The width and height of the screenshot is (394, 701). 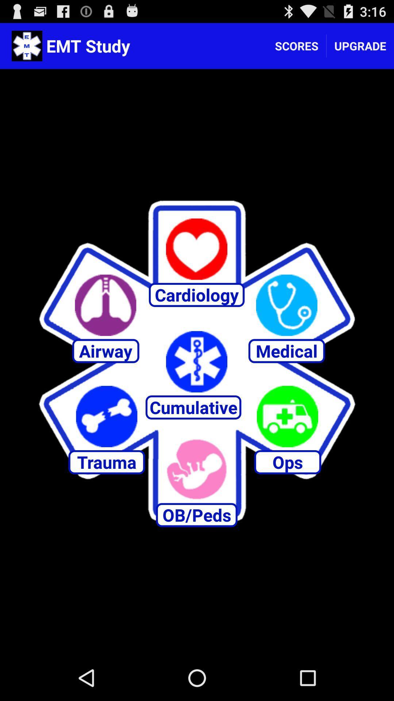 I want to click on medical info, so click(x=286, y=305).